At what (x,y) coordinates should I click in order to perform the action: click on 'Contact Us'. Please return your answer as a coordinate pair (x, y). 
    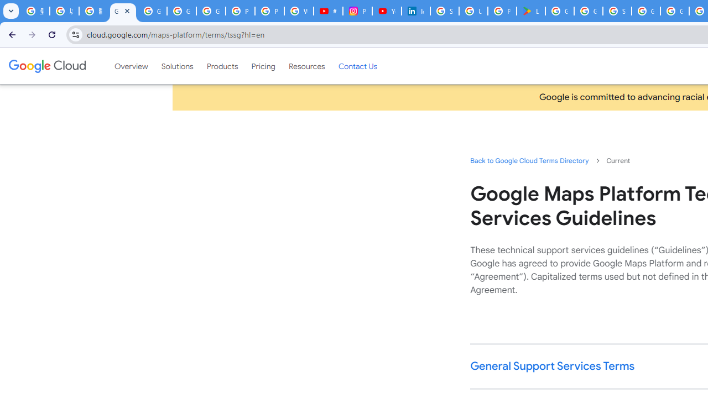
    Looking at the image, I should click on (358, 66).